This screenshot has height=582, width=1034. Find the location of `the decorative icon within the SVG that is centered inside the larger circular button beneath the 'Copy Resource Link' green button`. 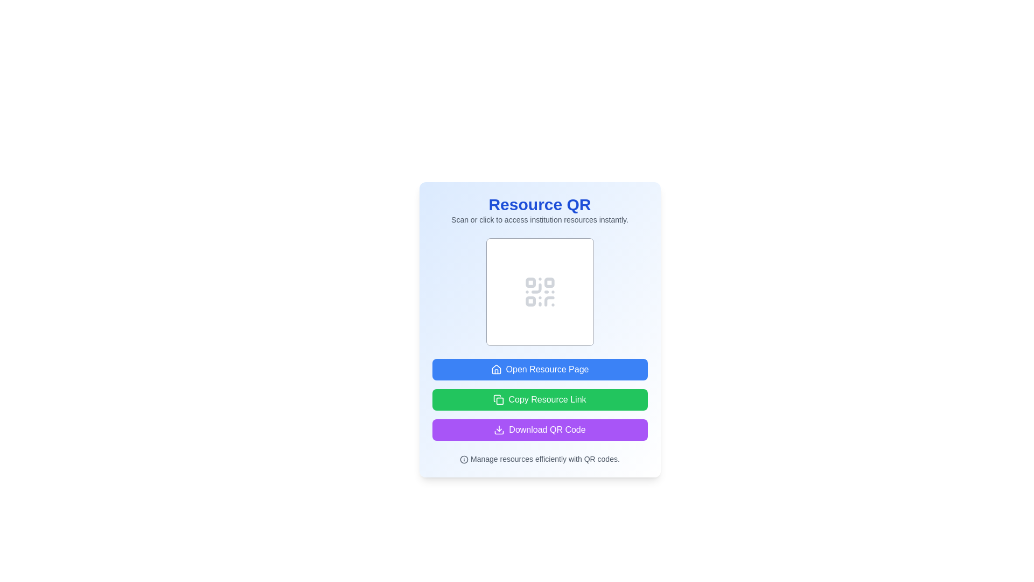

the decorative icon within the SVG that is centered inside the larger circular button beneath the 'Copy Resource Link' green button is located at coordinates (499, 401).